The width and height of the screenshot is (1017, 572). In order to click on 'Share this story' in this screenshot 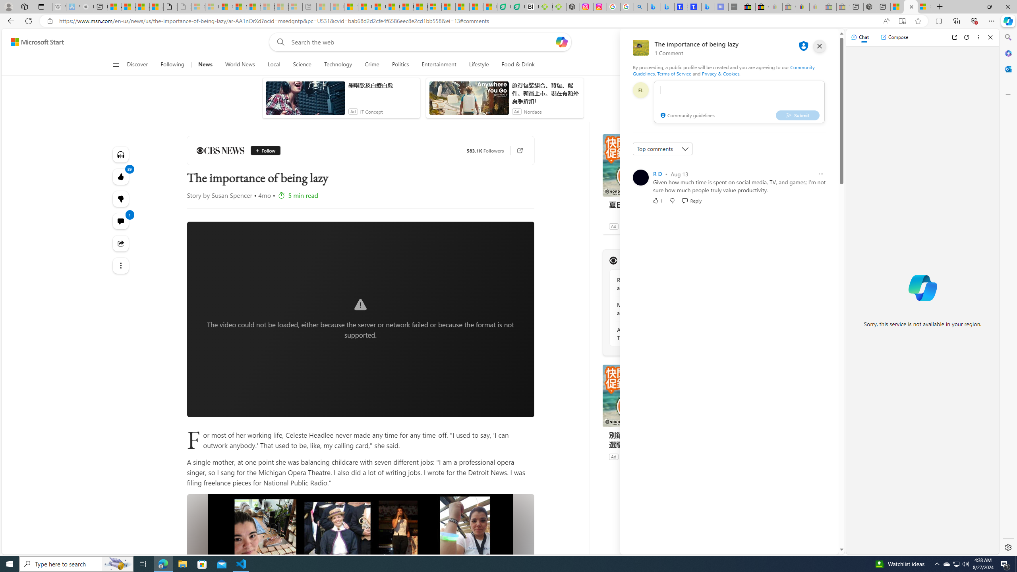, I will do `click(120, 243)`.